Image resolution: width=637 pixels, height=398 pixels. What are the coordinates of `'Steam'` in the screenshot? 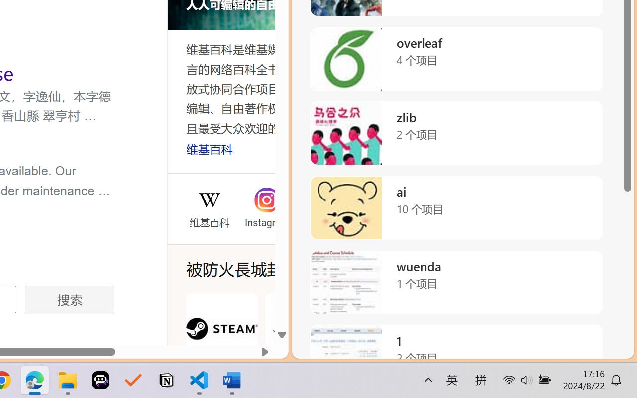 It's located at (221, 340).